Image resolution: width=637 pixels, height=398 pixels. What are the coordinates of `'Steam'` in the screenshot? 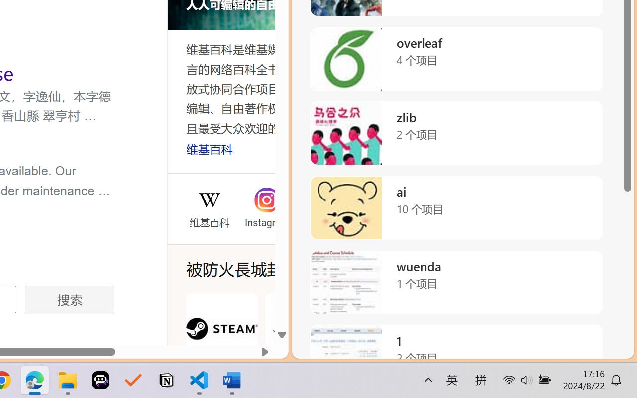 It's located at (221, 340).